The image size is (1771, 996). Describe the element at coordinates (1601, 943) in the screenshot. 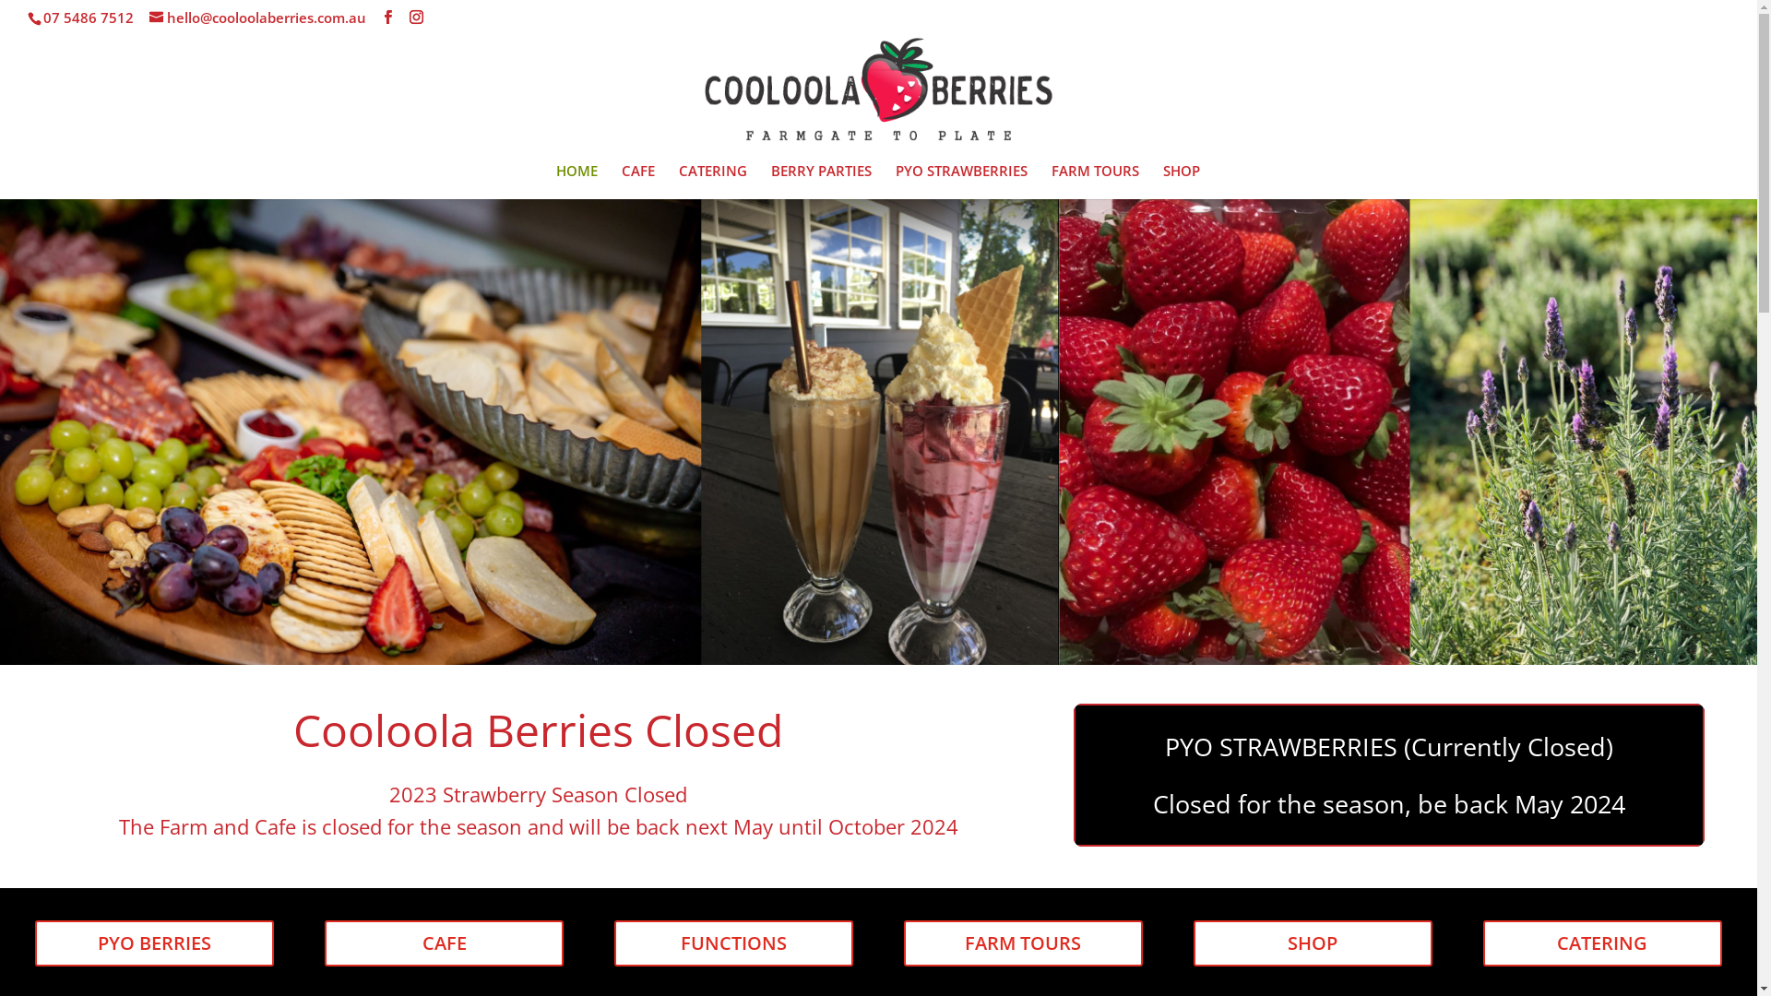

I see `'CATERING'` at that location.